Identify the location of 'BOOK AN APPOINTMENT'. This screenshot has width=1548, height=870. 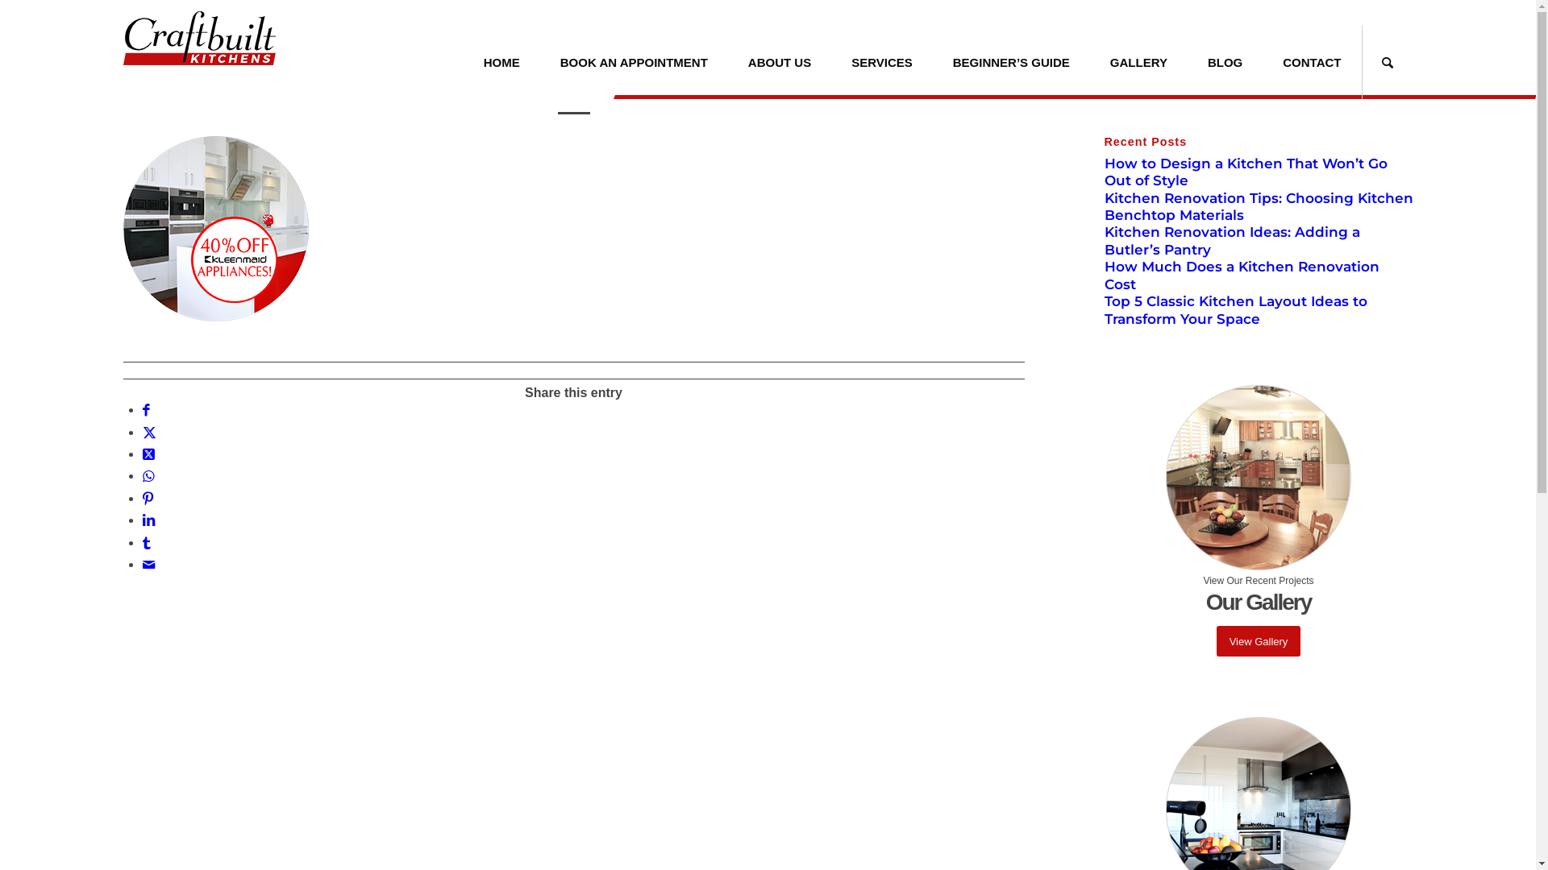
(633, 61).